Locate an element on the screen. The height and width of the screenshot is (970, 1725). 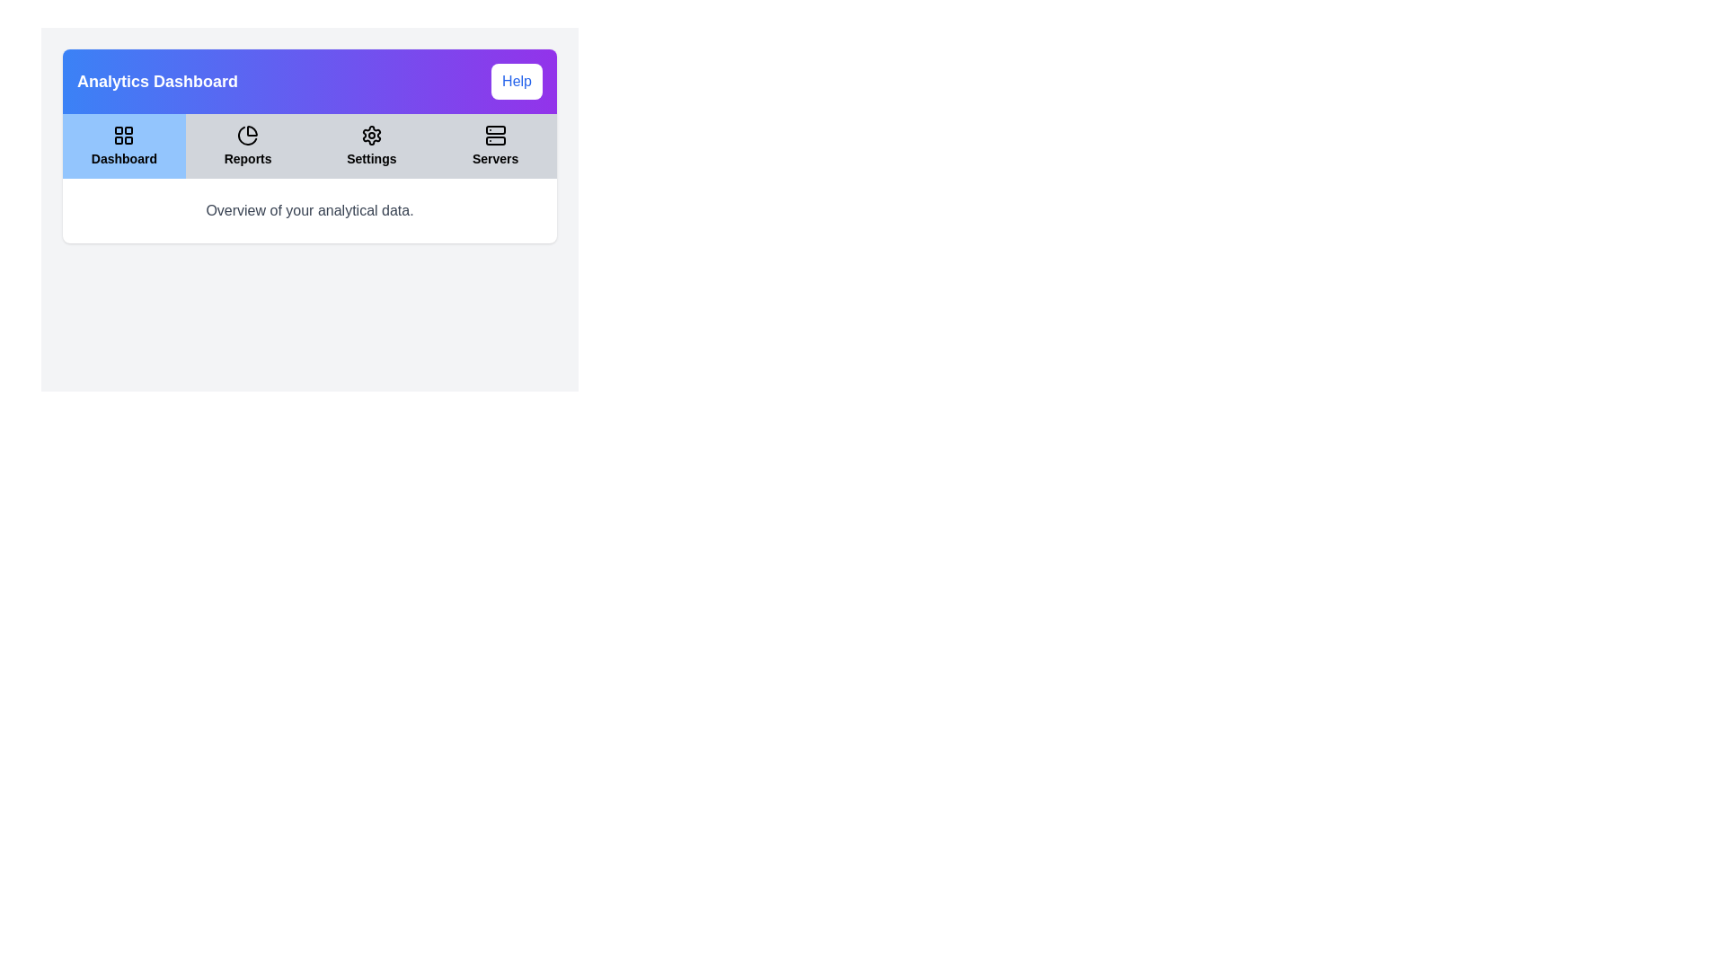
text from the bold label 'Analytics Dashboard' located at the top-left of the interface is located at coordinates (157, 82).